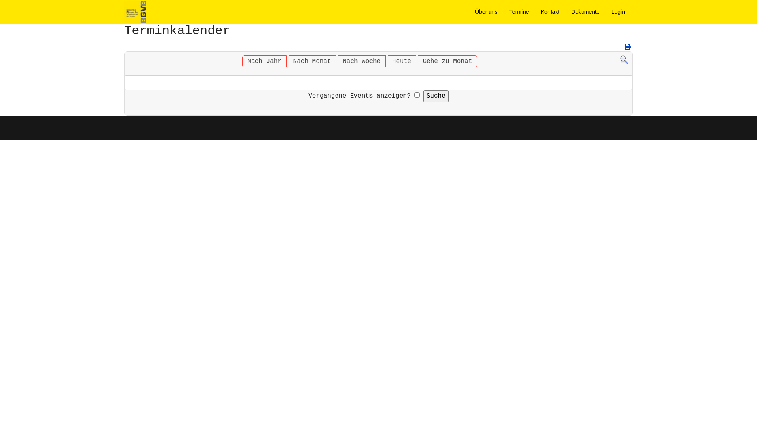  What do you see at coordinates (618, 12) in the screenshot?
I see `'Login'` at bounding box center [618, 12].